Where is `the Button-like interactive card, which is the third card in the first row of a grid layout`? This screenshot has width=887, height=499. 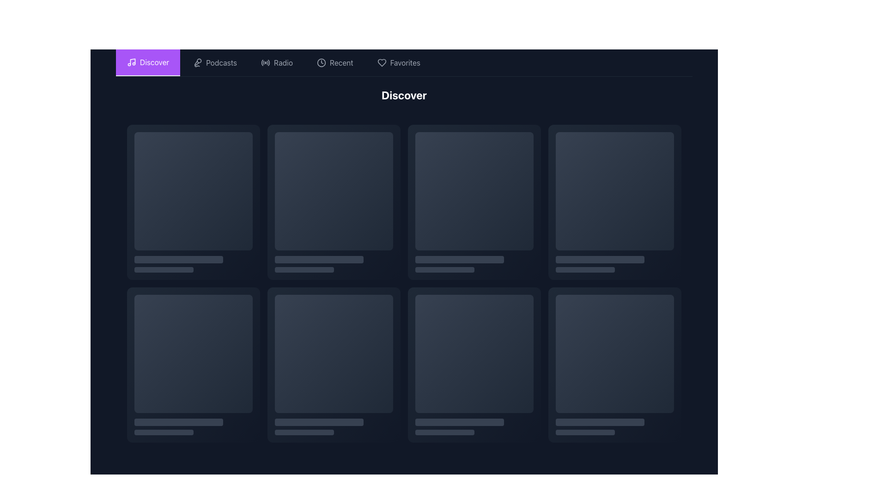
the Button-like interactive card, which is the third card in the first row of a grid layout is located at coordinates (474, 202).